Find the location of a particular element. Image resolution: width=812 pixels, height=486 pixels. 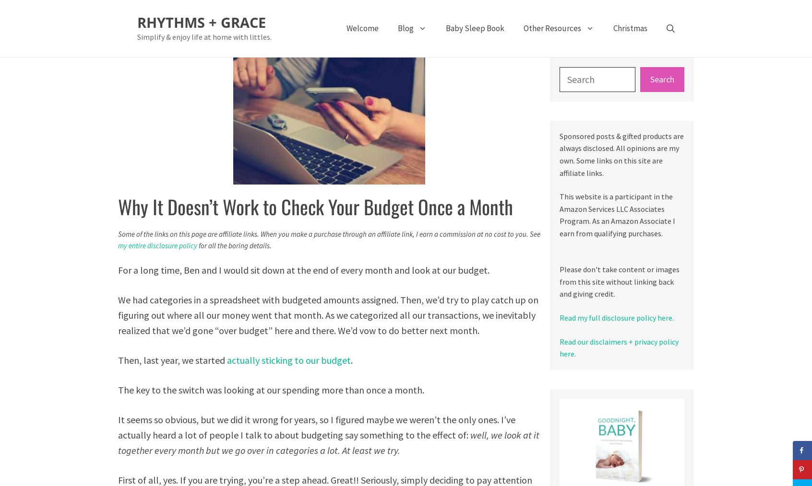

'Simplify & enjoy life at home with littles.' is located at coordinates (204, 36).